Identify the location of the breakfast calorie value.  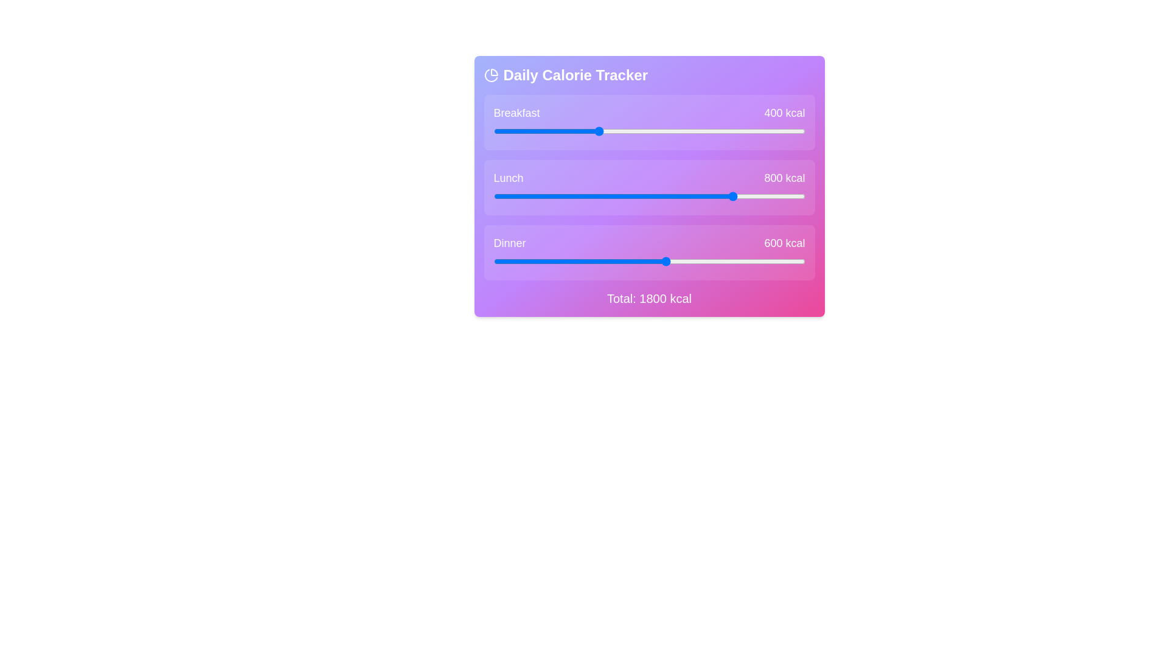
(667, 131).